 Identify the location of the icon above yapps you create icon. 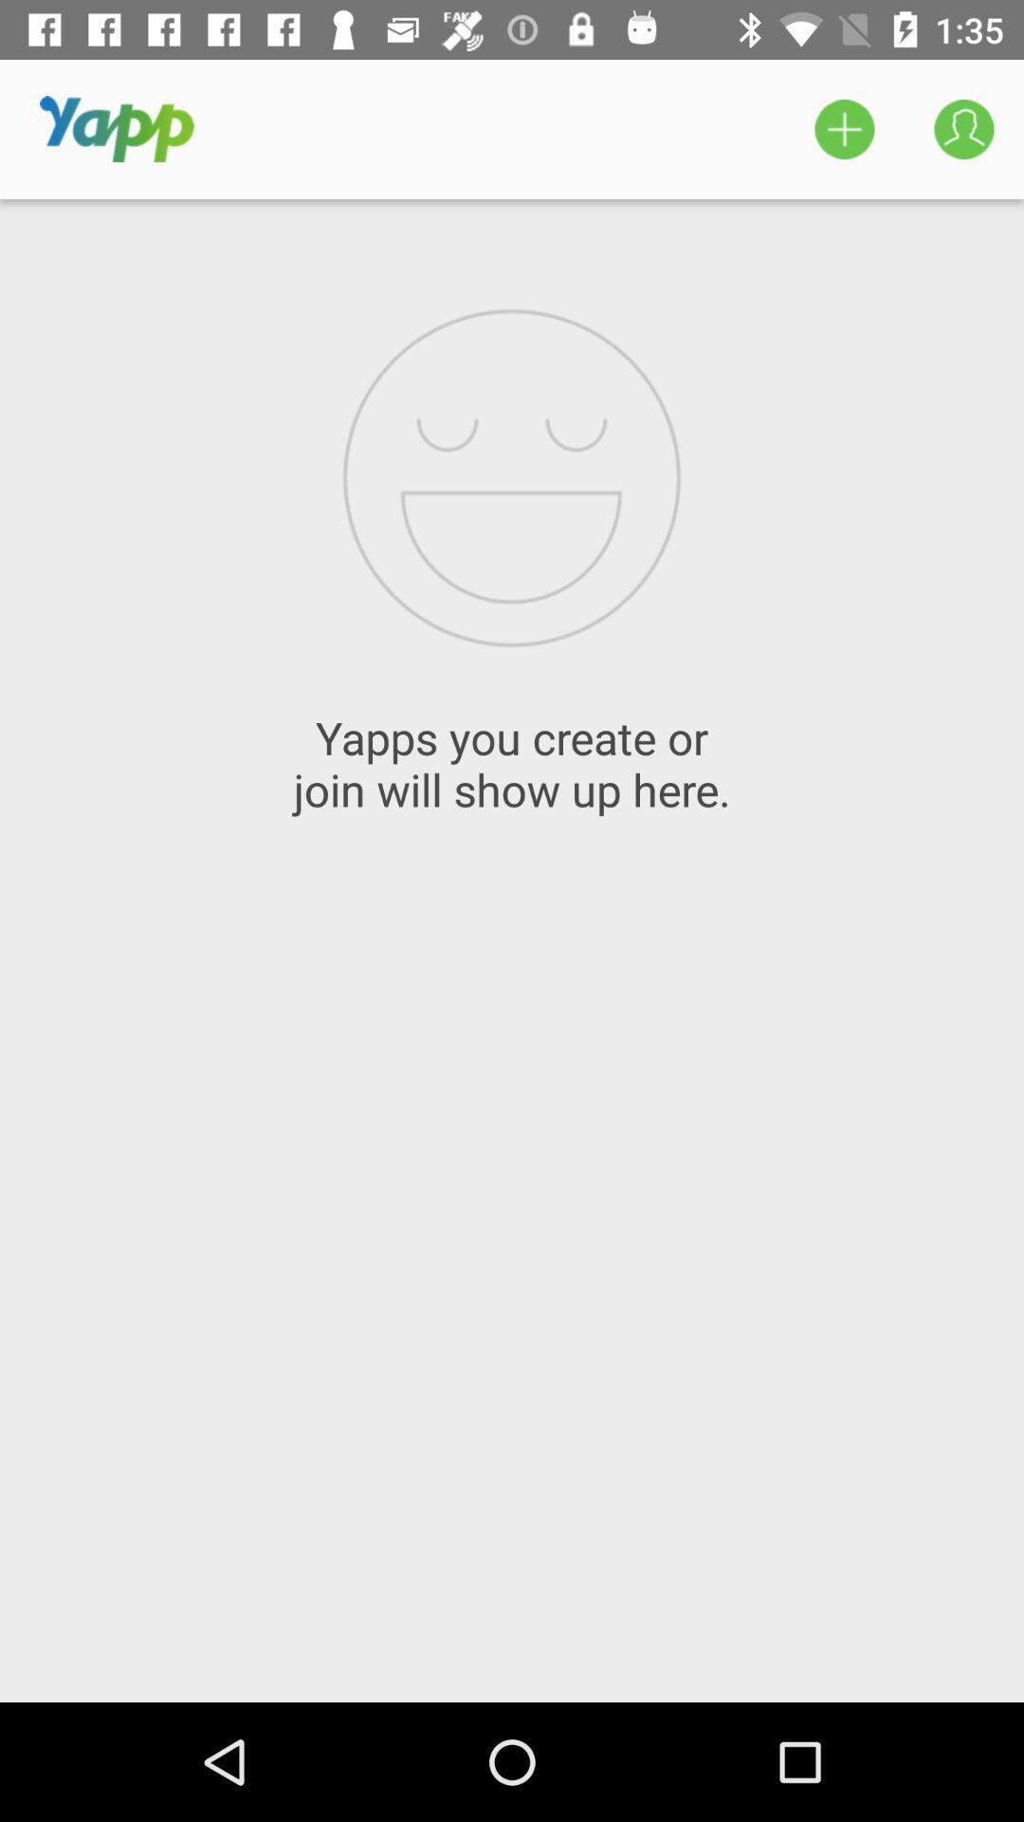
(964, 128).